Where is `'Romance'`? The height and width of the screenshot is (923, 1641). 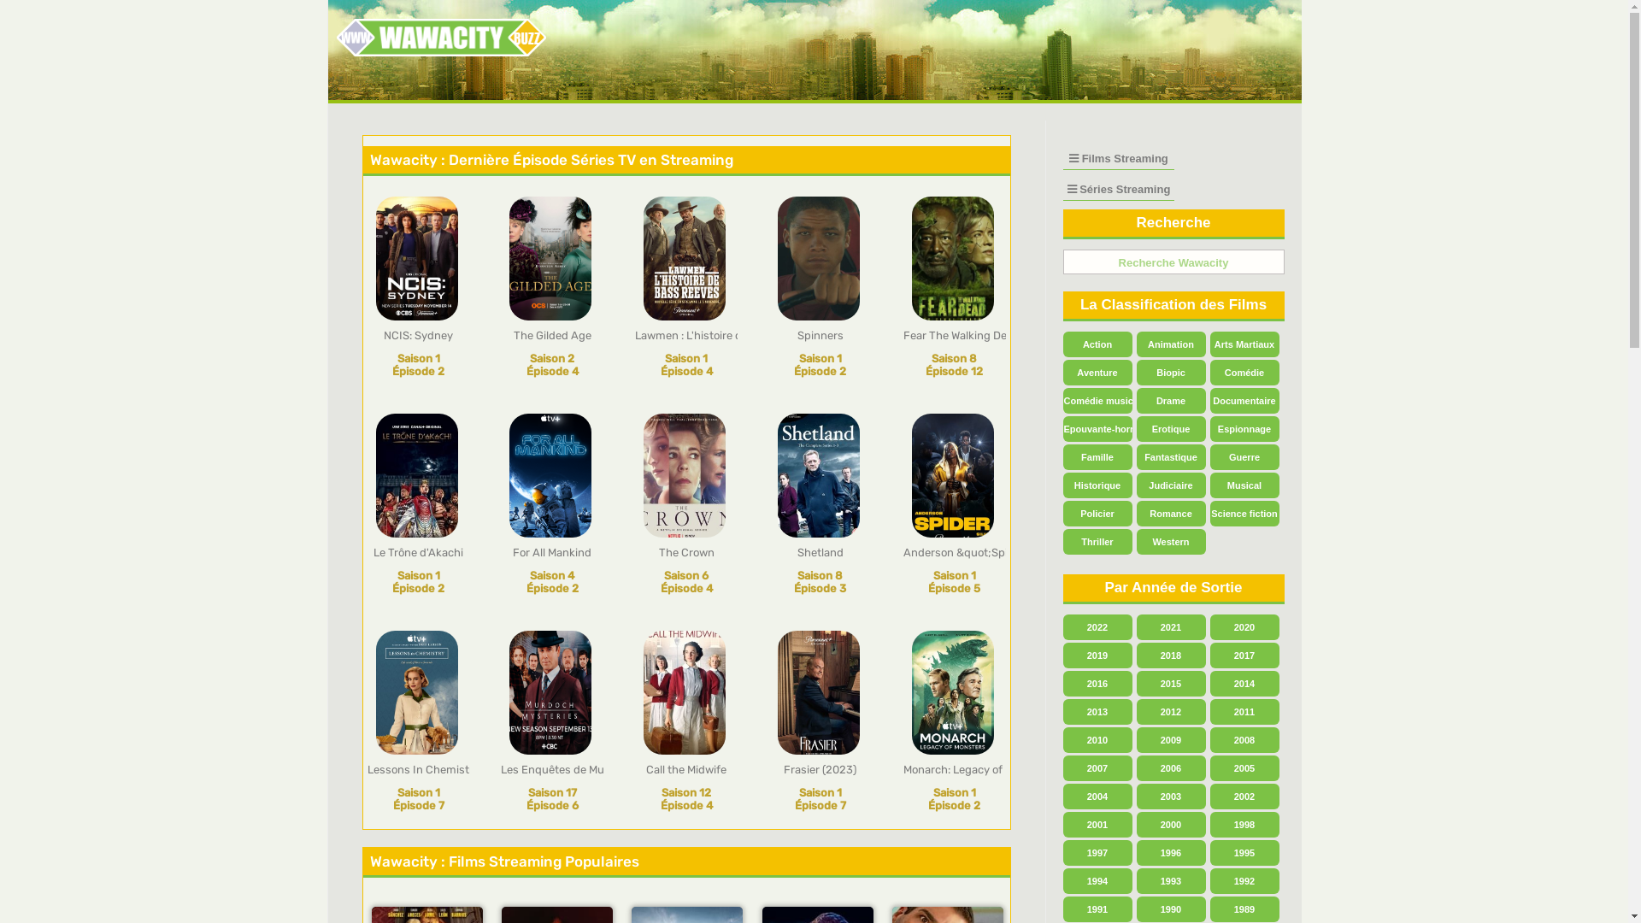
'Romance' is located at coordinates (1136, 513).